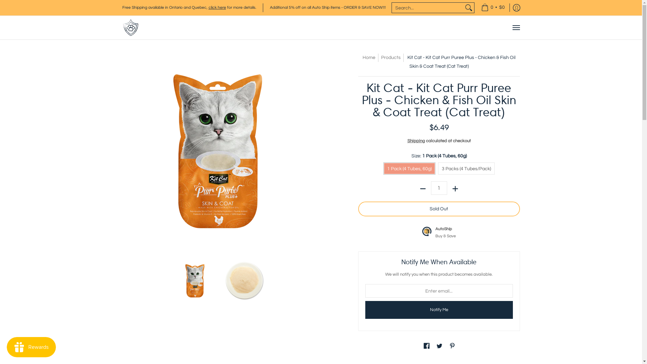  Describe the element at coordinates (516, 8) in the screenshot. I see `'Log in'` at that location.